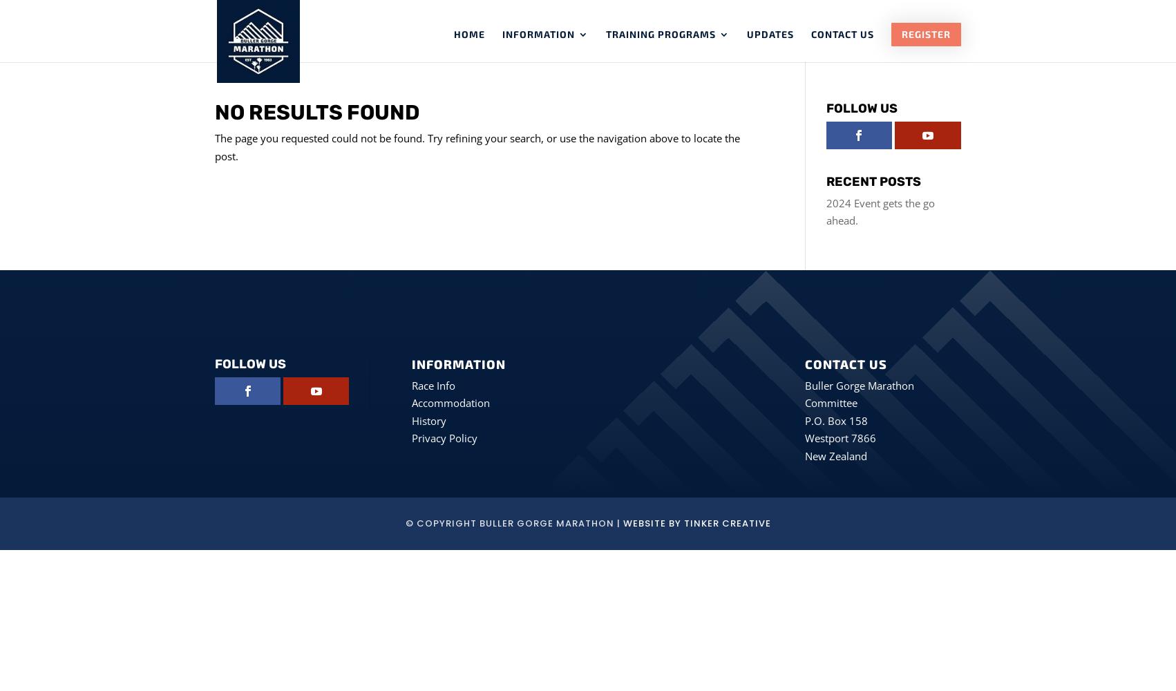 The image size is (1176, 691). Describe the element at coordinates (556, 202) in the screenshot. I see `'Sponsors'` at that location.